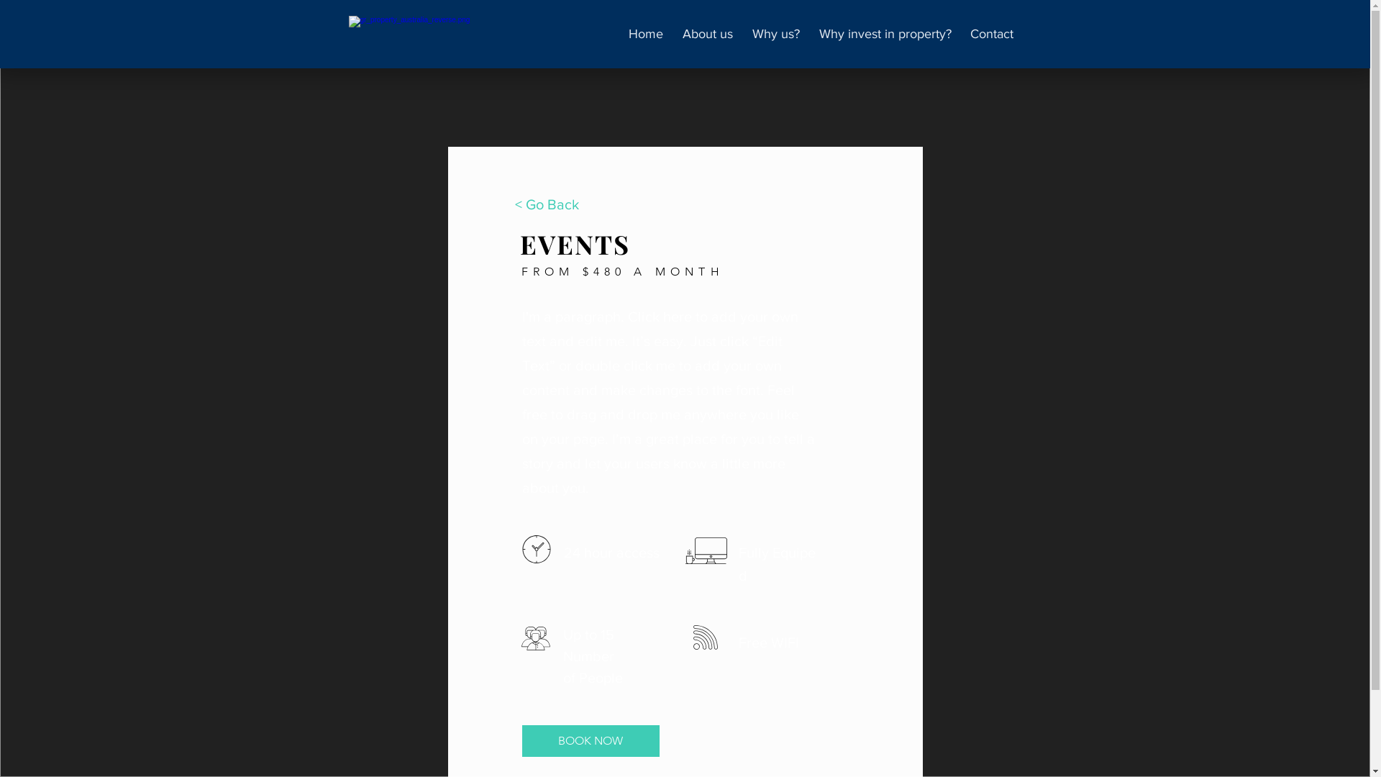 Image resolution: width=1381 pixels, height=777 pixels. Describe the element at coordinates (546, 204) in the screenshot. I see `'< Go Back'` at that location.